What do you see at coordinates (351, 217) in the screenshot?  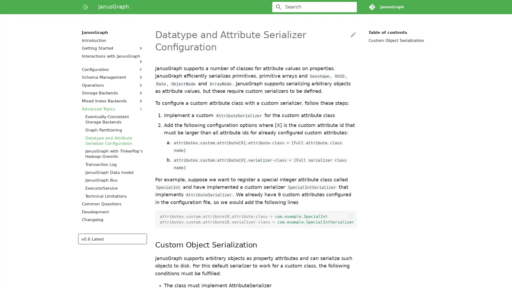 I see `Copy to clipboard` at bounding box center [351, 217].